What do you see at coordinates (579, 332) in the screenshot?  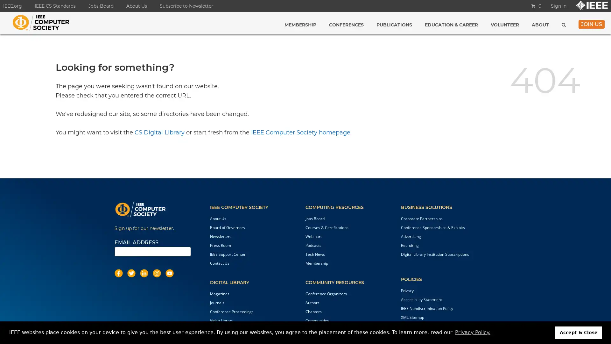 I see `dismiss cookie message` at bounding box center [579, 332].